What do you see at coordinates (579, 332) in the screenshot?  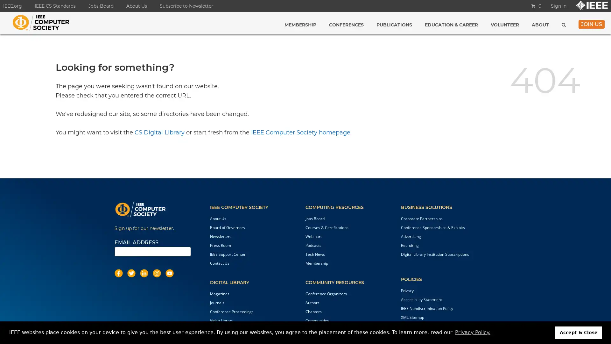 I see `dismiss cookie message` at bounding box center [579, 332].